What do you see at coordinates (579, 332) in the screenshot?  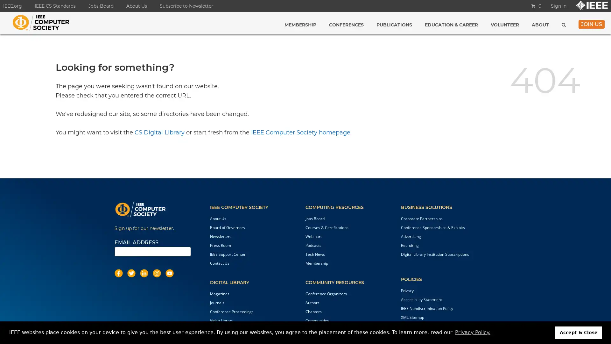 I see `dismiss cookie message` at bounding box center [579, 332].